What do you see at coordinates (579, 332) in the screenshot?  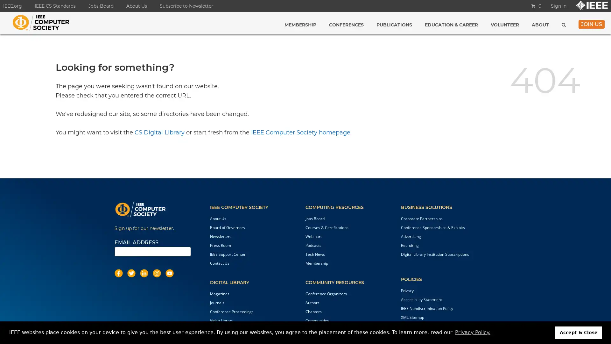 I see `dismiss cookie message` at bounding box center [579, 332].